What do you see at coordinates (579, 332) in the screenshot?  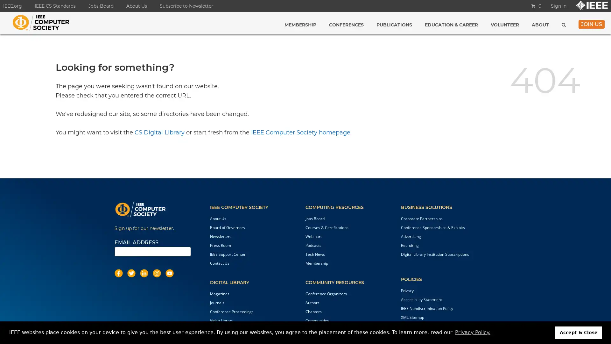 I see `dismiss cookie message` at bounding box center [579, 332].